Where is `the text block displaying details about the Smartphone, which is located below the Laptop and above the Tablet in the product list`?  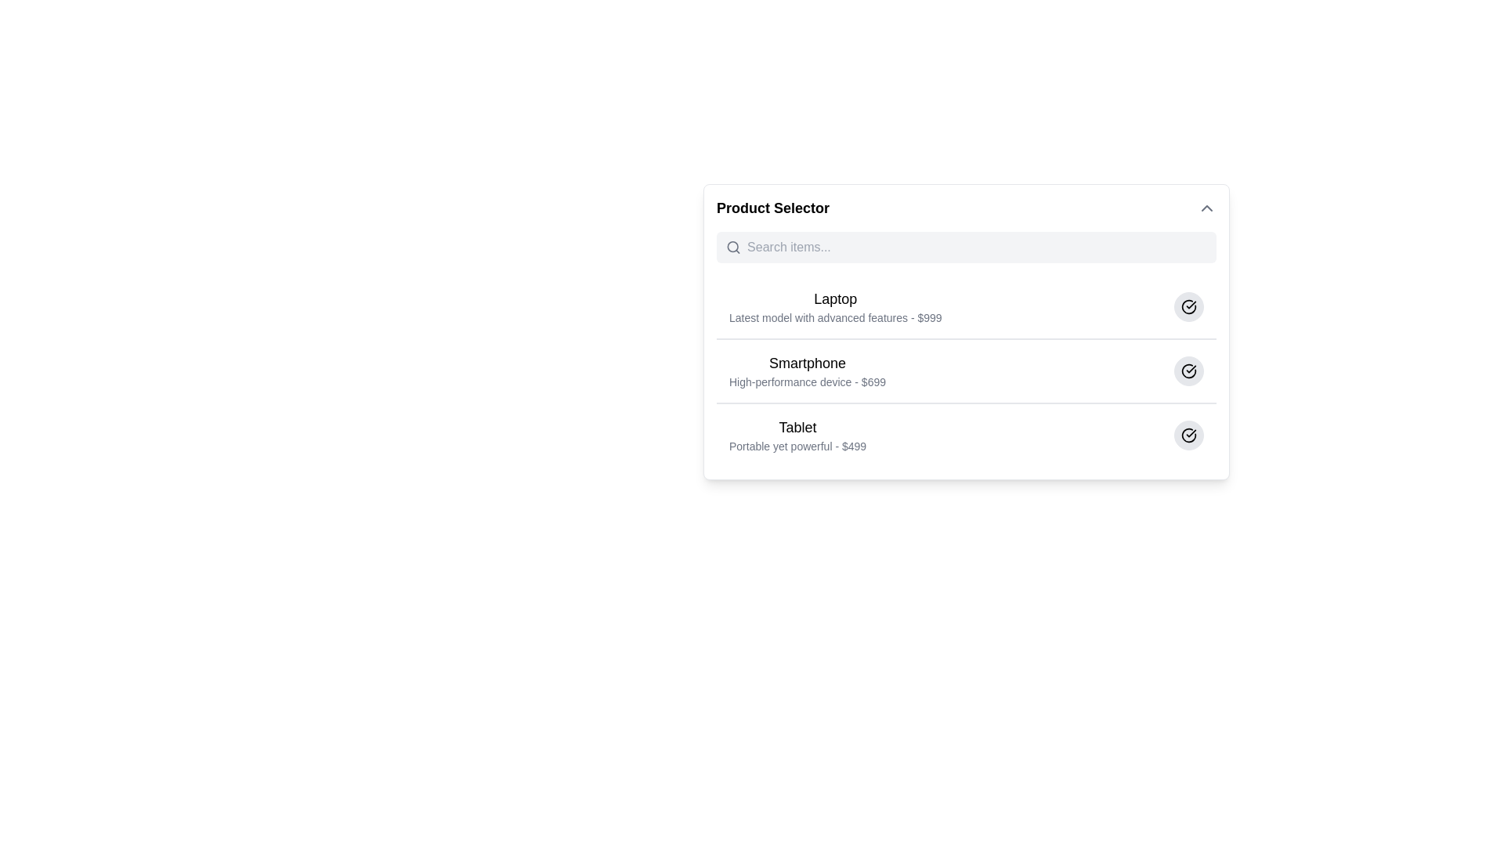 the text block displaying details about the Smartphone, which is located below the Laptop and above the Tablet in the product list is located at coordinates (808, 371).